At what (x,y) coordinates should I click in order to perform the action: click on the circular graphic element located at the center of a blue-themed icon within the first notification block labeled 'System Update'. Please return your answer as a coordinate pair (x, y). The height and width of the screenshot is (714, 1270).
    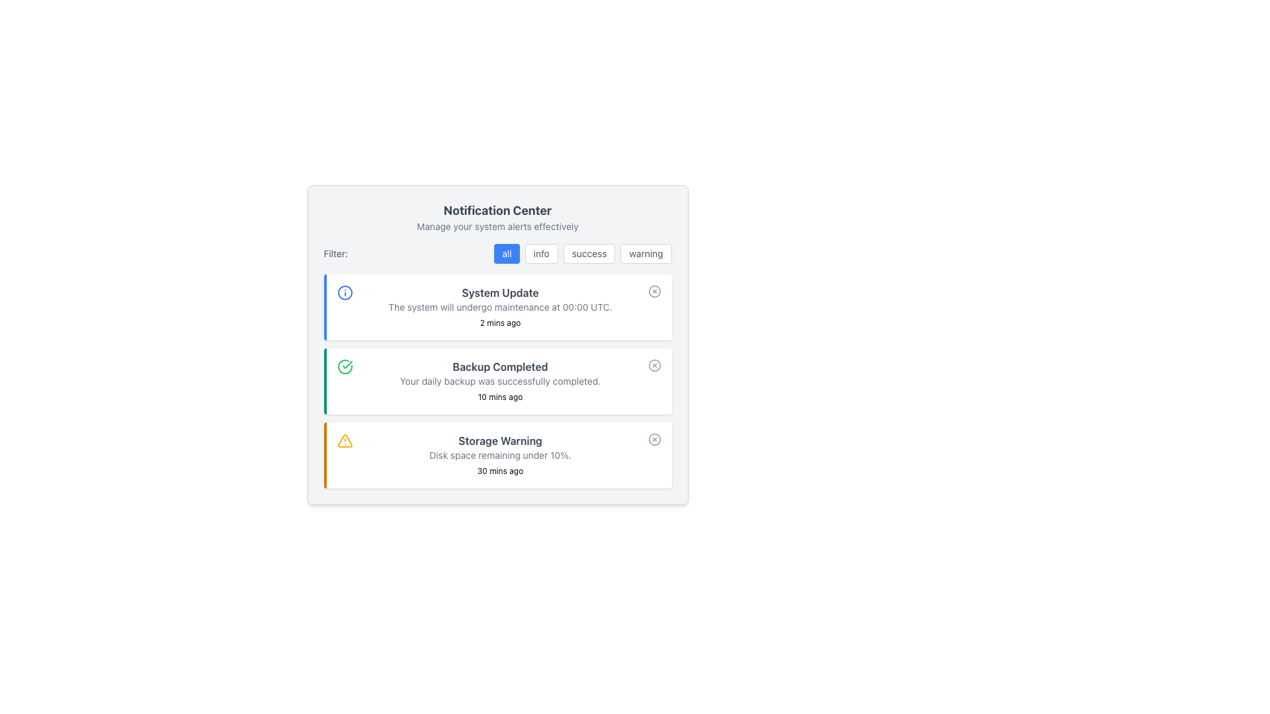
    Looking at the image, I should click on (345, 292).